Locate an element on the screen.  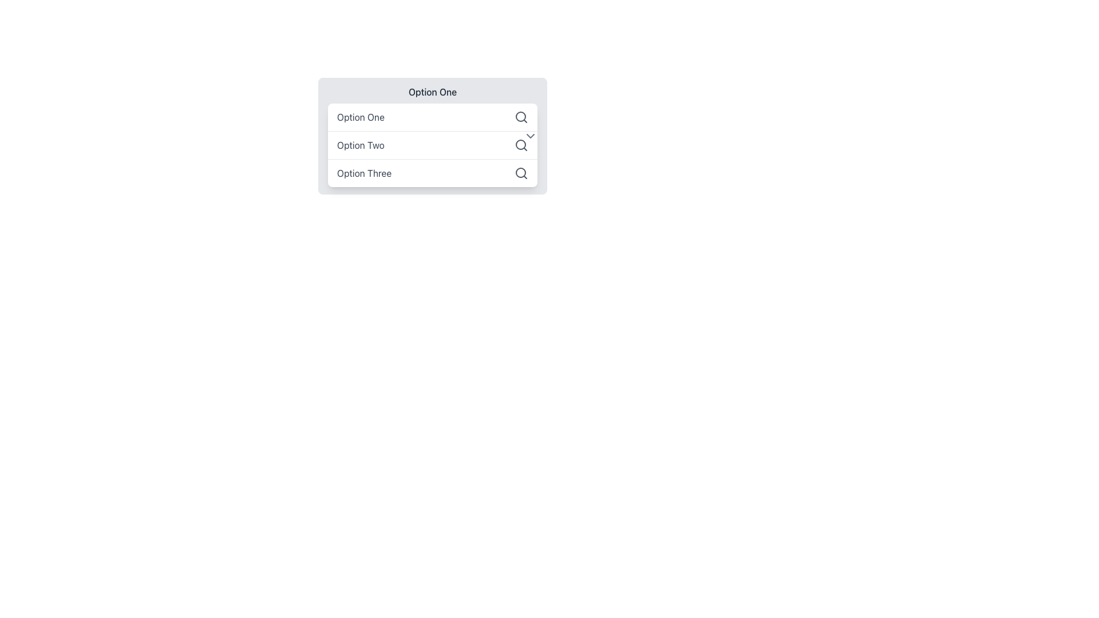
the dropdown menu option located beneath the gray bar labeled 'Option One' is located at coordinates (432, 145).